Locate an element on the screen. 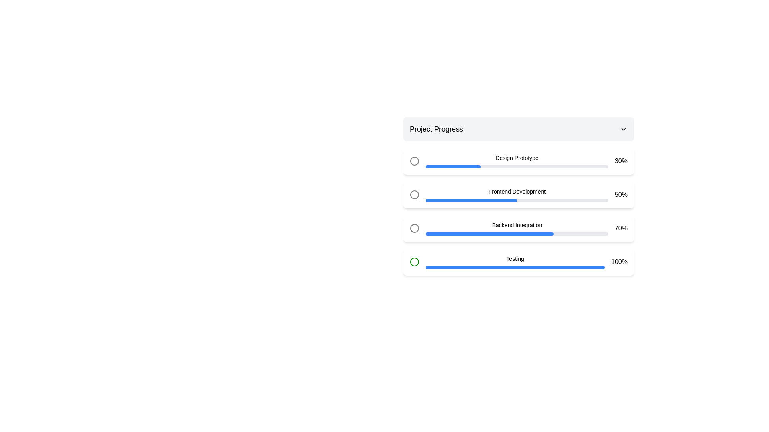 This screenshot has width=769, height=432. the progress bar representing 30% completion of the 'Design Prototype' task, located directly beneath the corresponding text in the segmented progress tracker is located at coordinates (517, 166).